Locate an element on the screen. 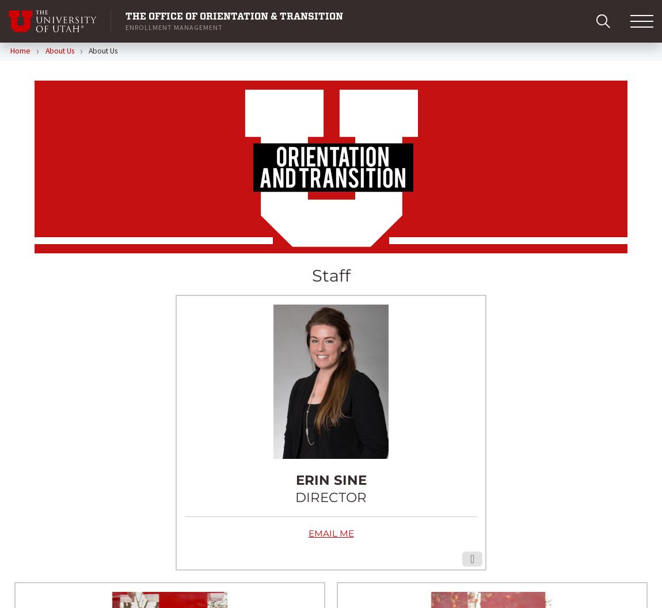 This screenshot has width=662, height=608. 'ABOUT ERIN' is located at coordinates (330, 311).